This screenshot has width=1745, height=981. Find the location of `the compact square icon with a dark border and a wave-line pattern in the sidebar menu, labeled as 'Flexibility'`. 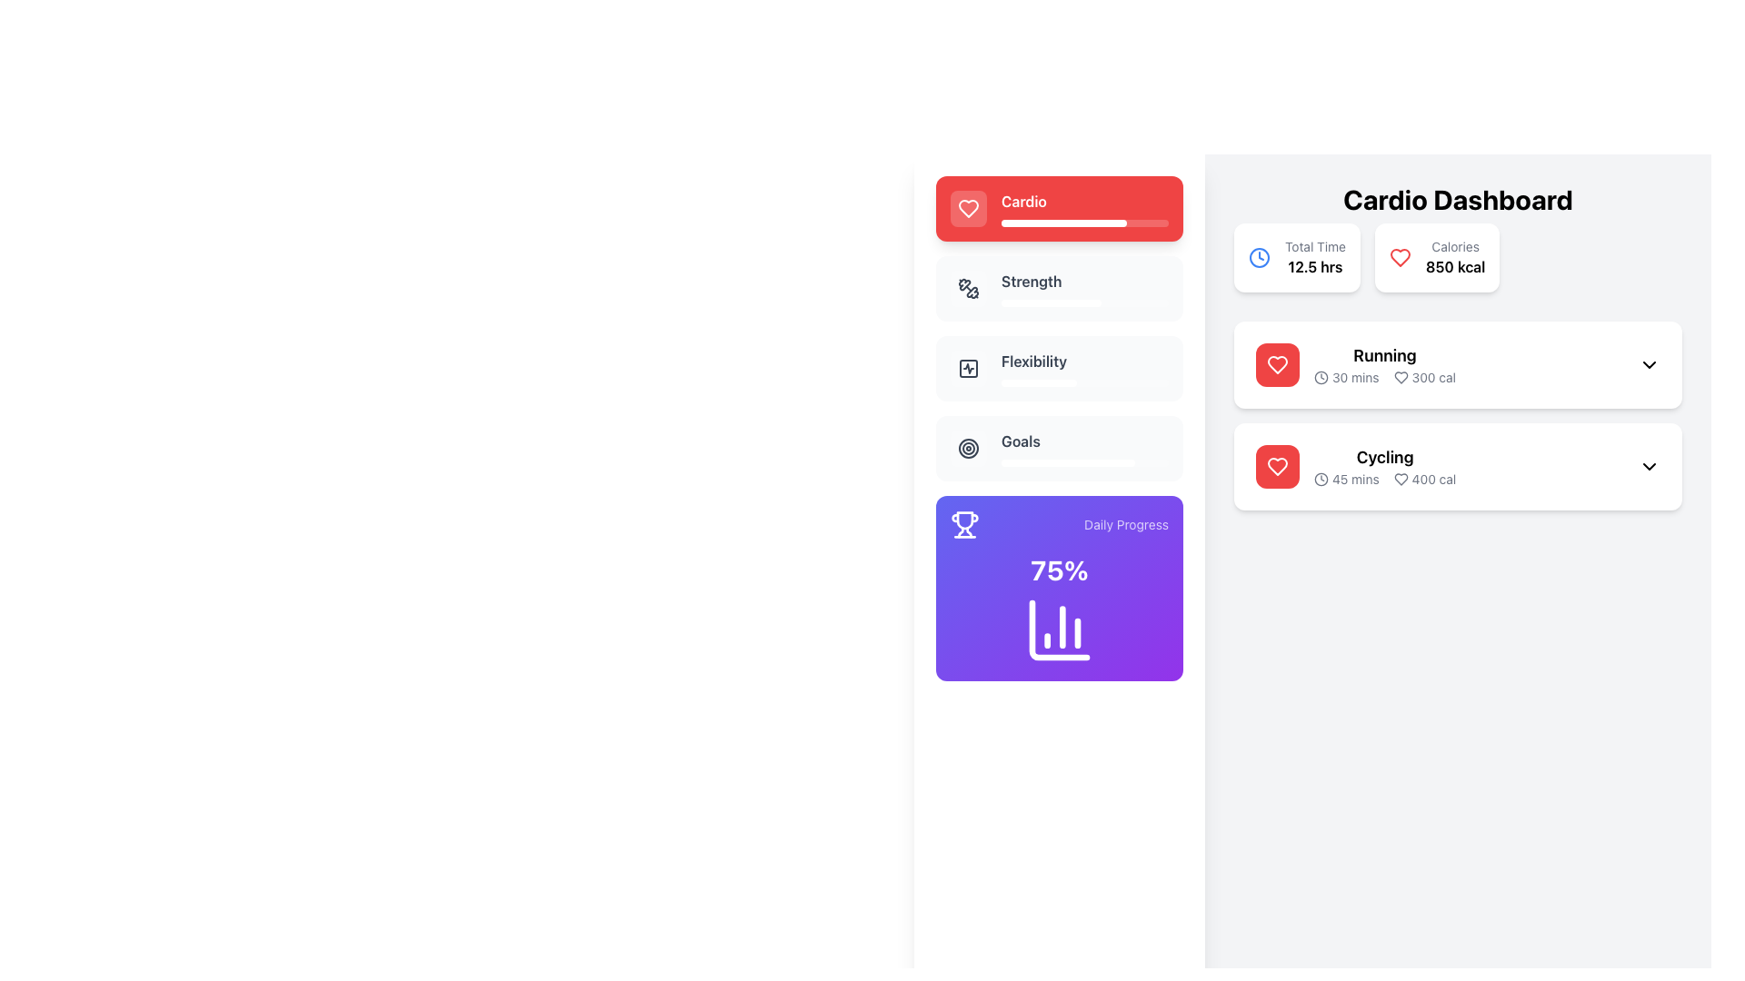

the compact square icon with a dark border and a wave-line pattern in the sidebar menu, labeled as 'Flexibility' is located at coordinates (967, 368).